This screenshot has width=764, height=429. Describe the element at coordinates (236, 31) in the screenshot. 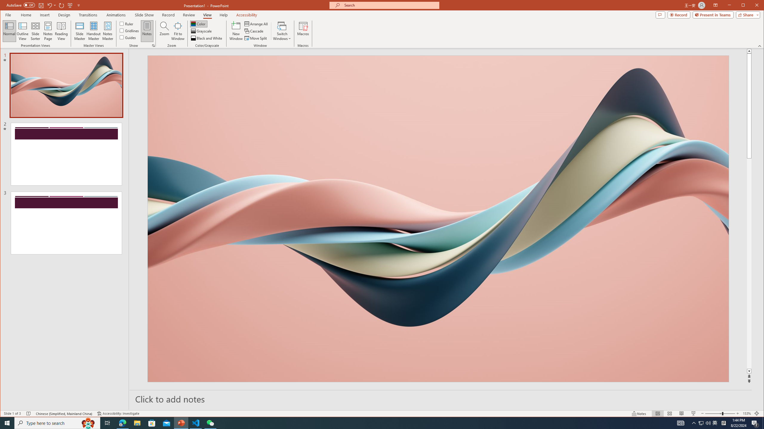

I see `'New Window'` at that location.